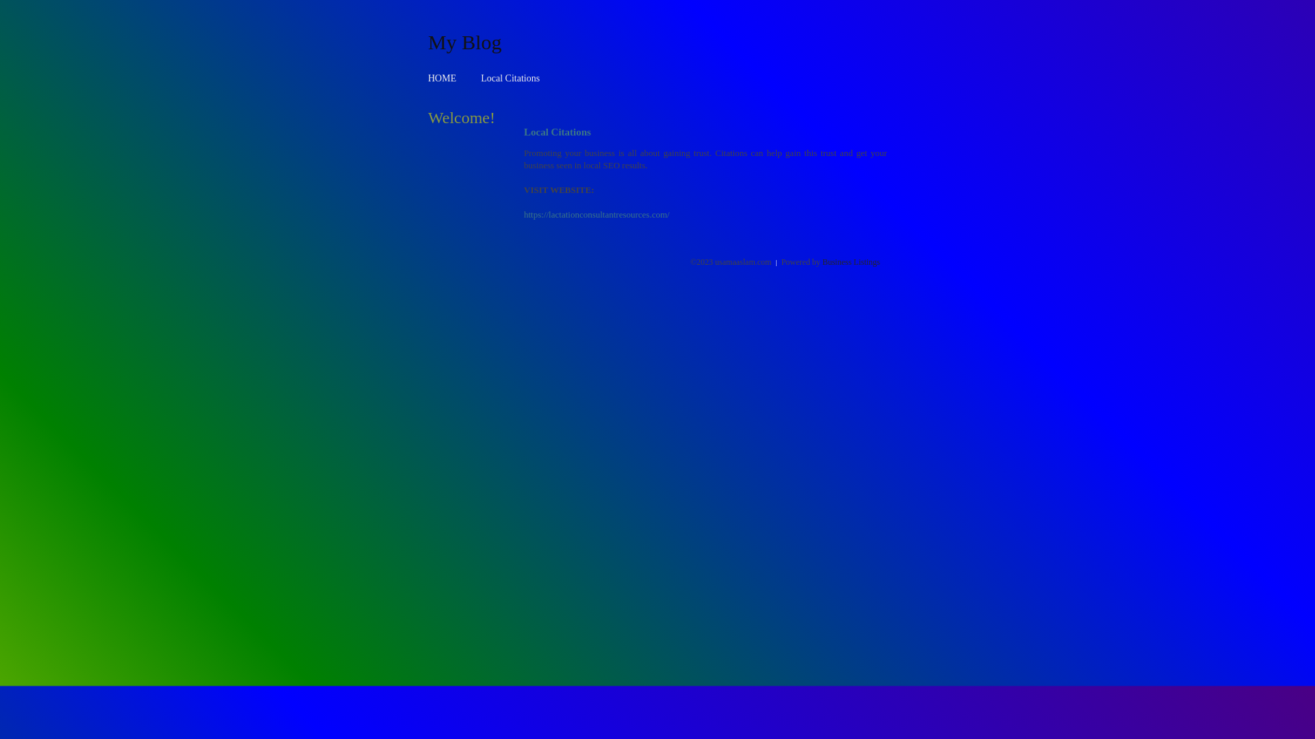 Image resolution: width=1315 pixels, height=739 pixels. Describe the element at coordinates (851, 261) in the screenshot. I see `'Business Listings'` at that location.